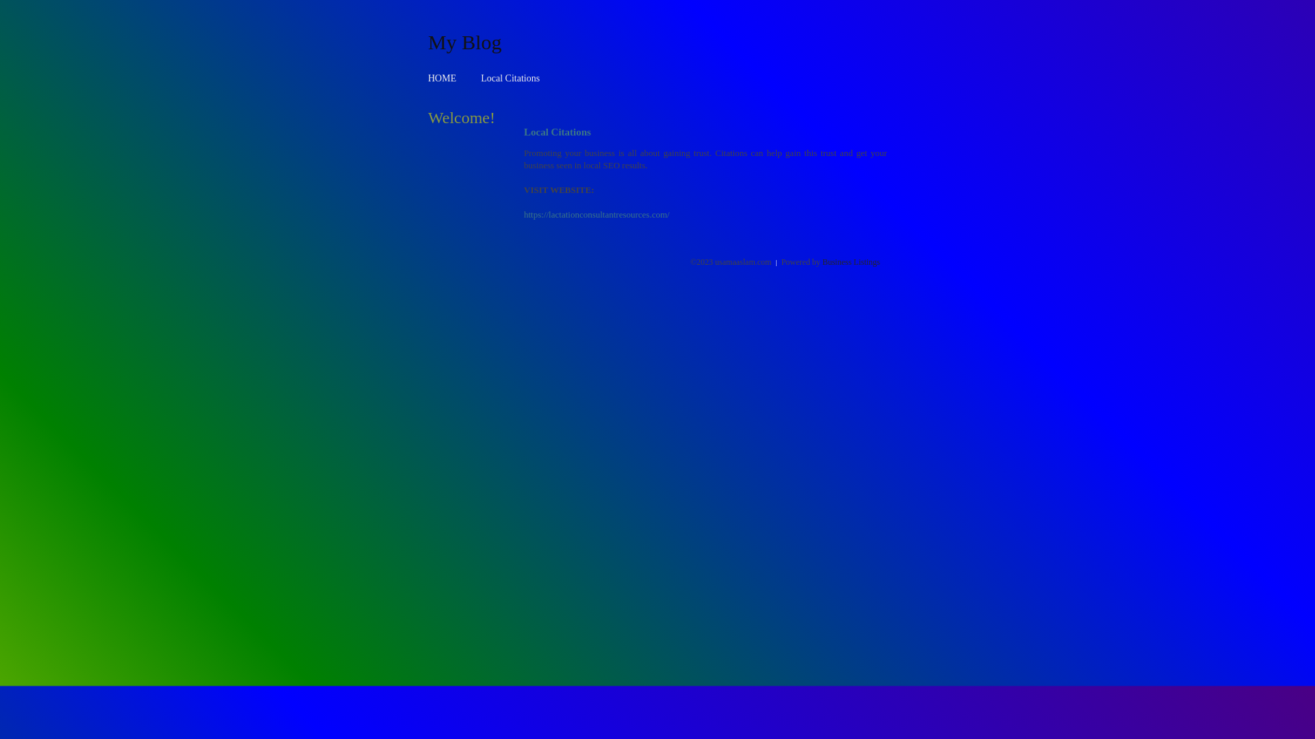 Image resolution: width=1315 pixels, height=739 pixels. Describe the element at coordinates (851, 261) in the screenshot. I see `'Business Listings'` at that location.